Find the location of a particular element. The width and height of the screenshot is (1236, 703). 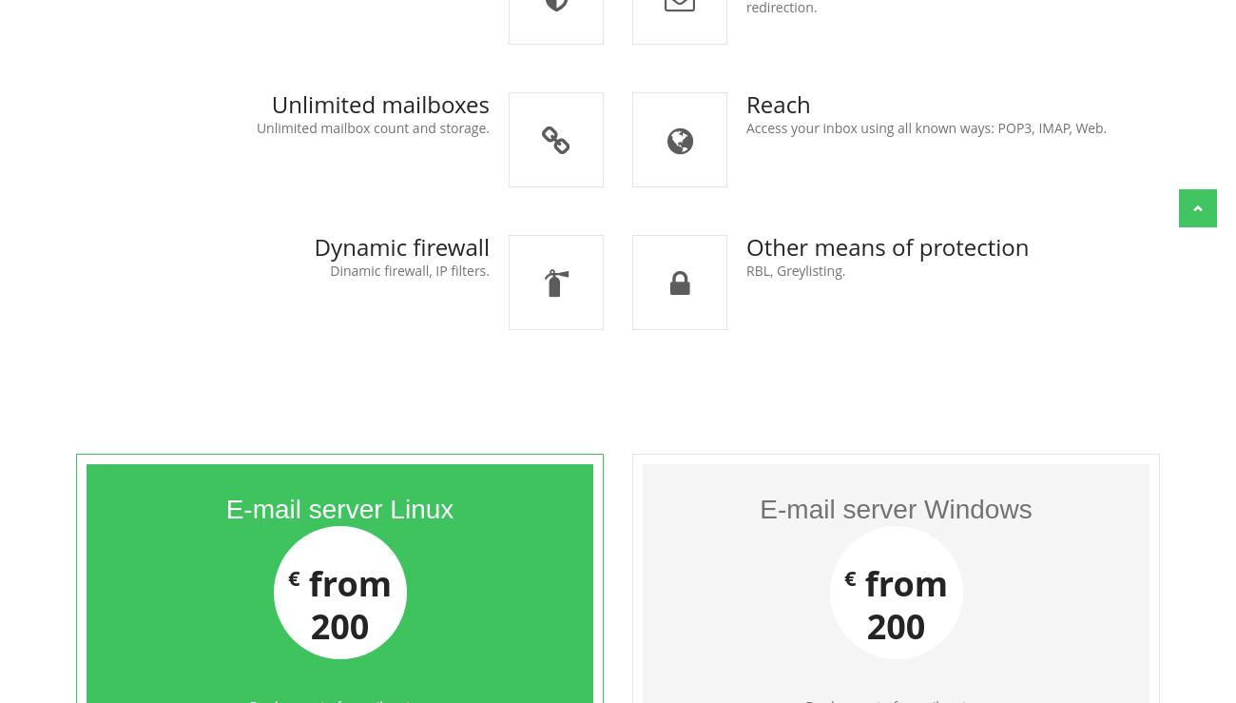

'E-mail server Linux' is located at coordinates (338, 509).